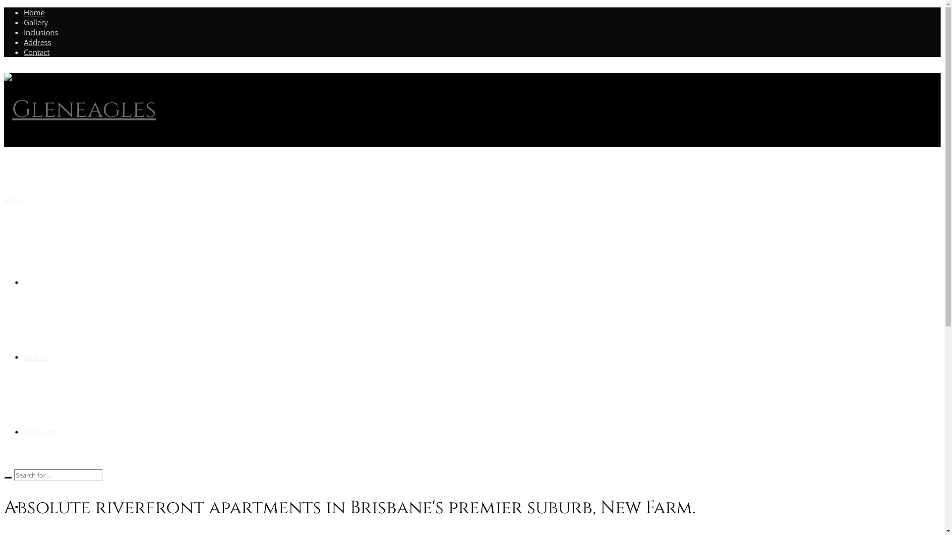  Describe the element at coordinates (80, 110) in the screenshot. I see `'Gleneagles'` at that location.